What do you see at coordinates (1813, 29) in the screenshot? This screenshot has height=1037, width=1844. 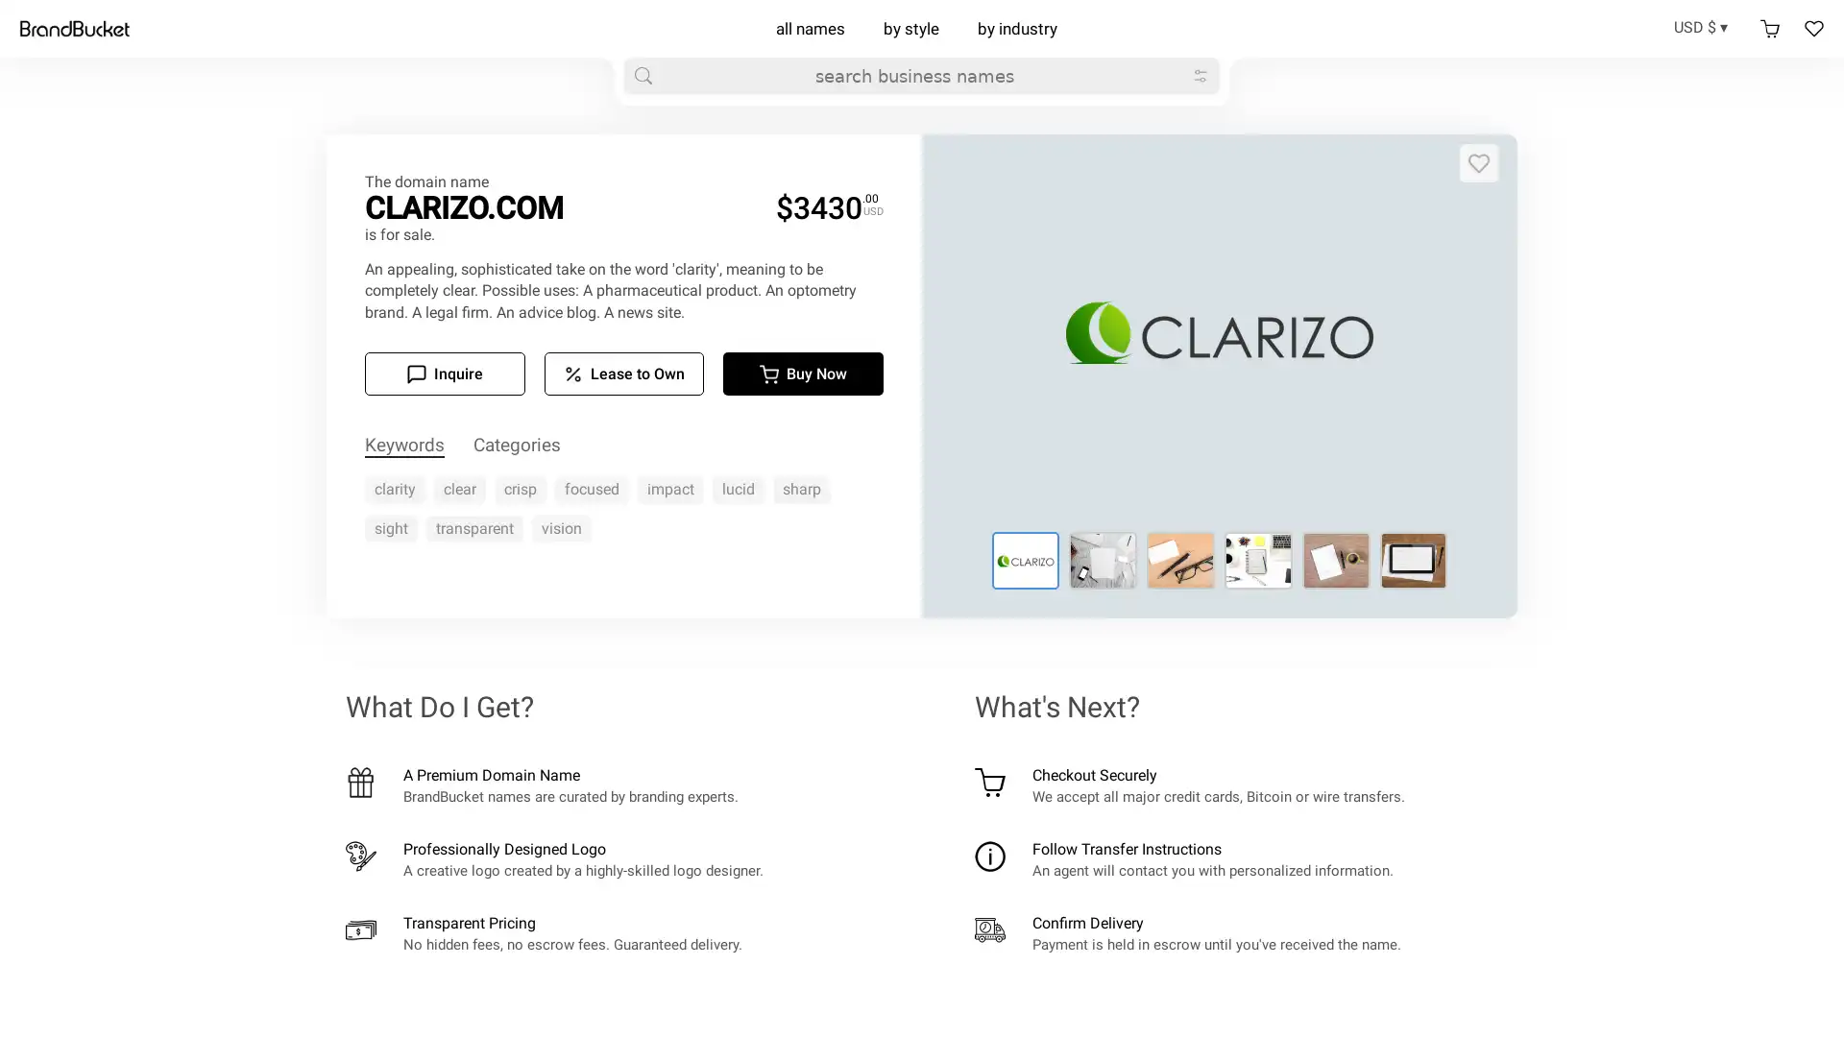 I see `Favorites Favorites` at bounding box center [1813, 29].